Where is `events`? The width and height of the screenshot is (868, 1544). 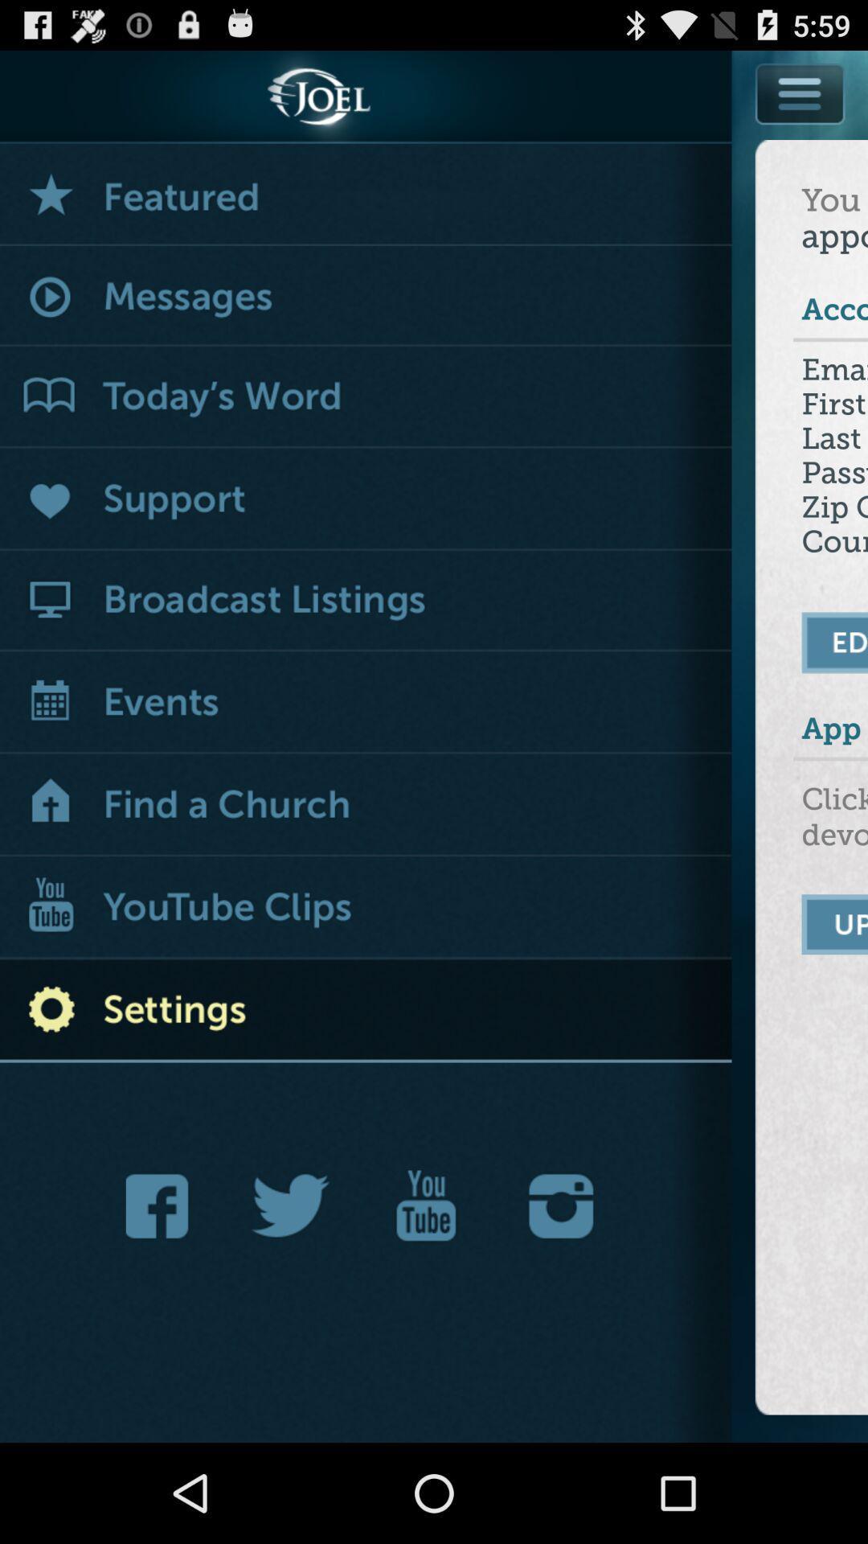 events is located at coordinates (366, 704).